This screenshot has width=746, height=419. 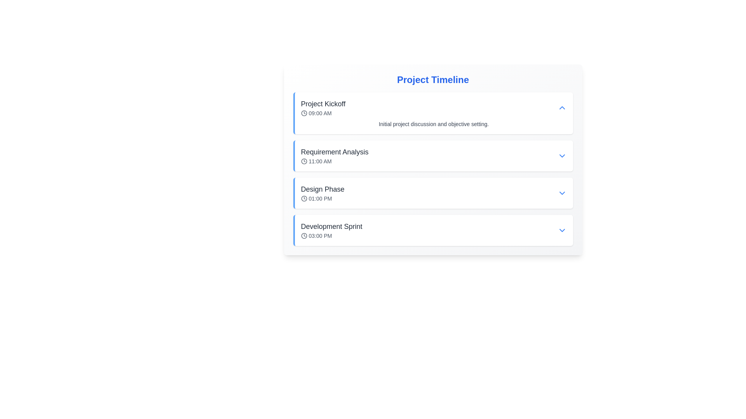 What do you see at coordinates (562, 107) in the screenshot?
I see `the small upward-pointing blue chevron button located at the top-right of the 'Project Kickoff' header in the timeline` at bounding box center [562, 107].